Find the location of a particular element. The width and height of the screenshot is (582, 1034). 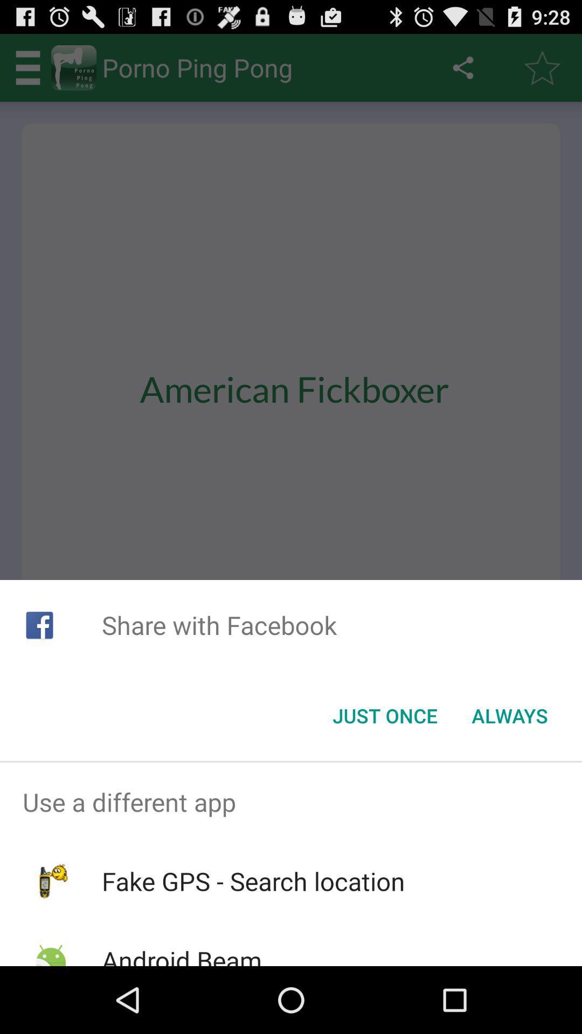

the app above fake gps search is located at coordinates (291, 802).